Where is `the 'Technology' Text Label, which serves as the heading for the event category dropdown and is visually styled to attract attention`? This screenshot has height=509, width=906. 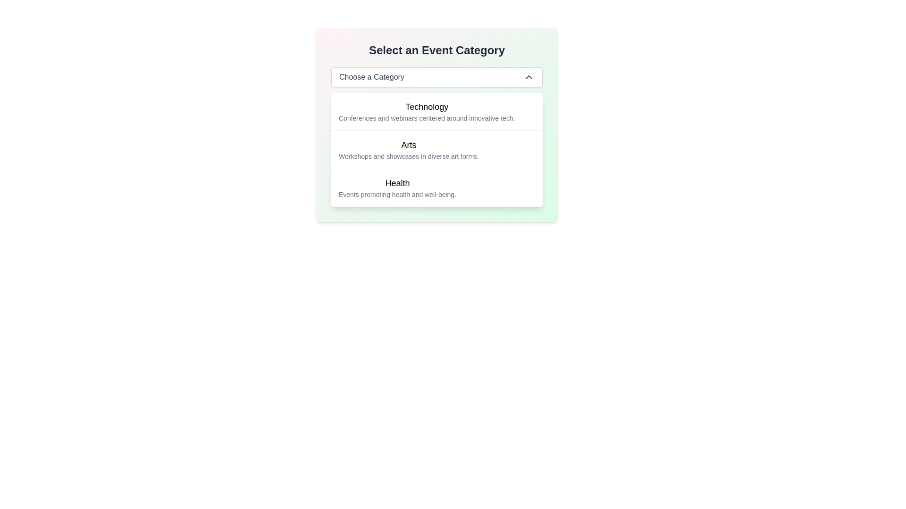 the 'Technology' Text Label, which serves as the heading for the event category dropdown and is visually styled to attract attention is located at coordinates (426, 107).